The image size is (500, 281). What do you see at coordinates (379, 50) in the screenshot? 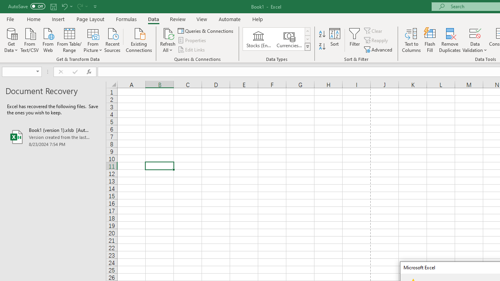
I see `'Advanced...'` at bounding box center [379, 50].